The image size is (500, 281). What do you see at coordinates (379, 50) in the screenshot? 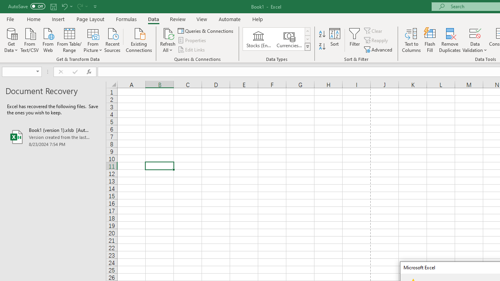
I see `'Advanced...'` at bounding box center [379, 50].